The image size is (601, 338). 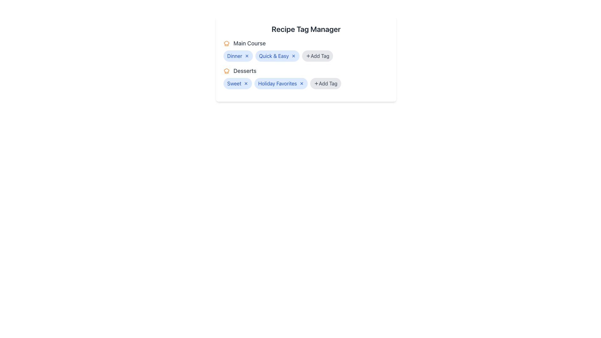 I want to click on the button located at the rightmost position in the 'Desserts' section, so click(x=326, y=83).